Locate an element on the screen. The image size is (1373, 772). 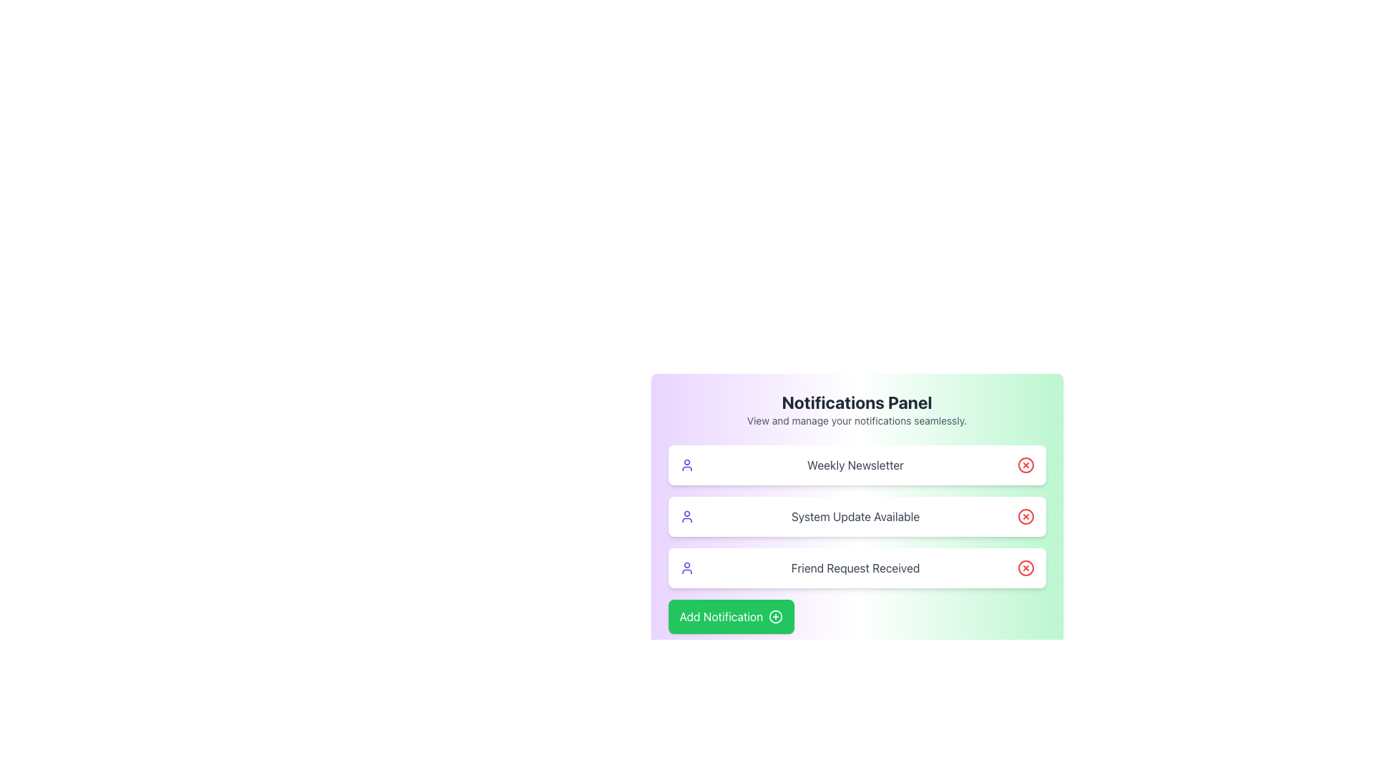
the icon located to the right of the text on the green 'Add Notification' button at the bottom of the notification panel is located at coordinates (775, 616).